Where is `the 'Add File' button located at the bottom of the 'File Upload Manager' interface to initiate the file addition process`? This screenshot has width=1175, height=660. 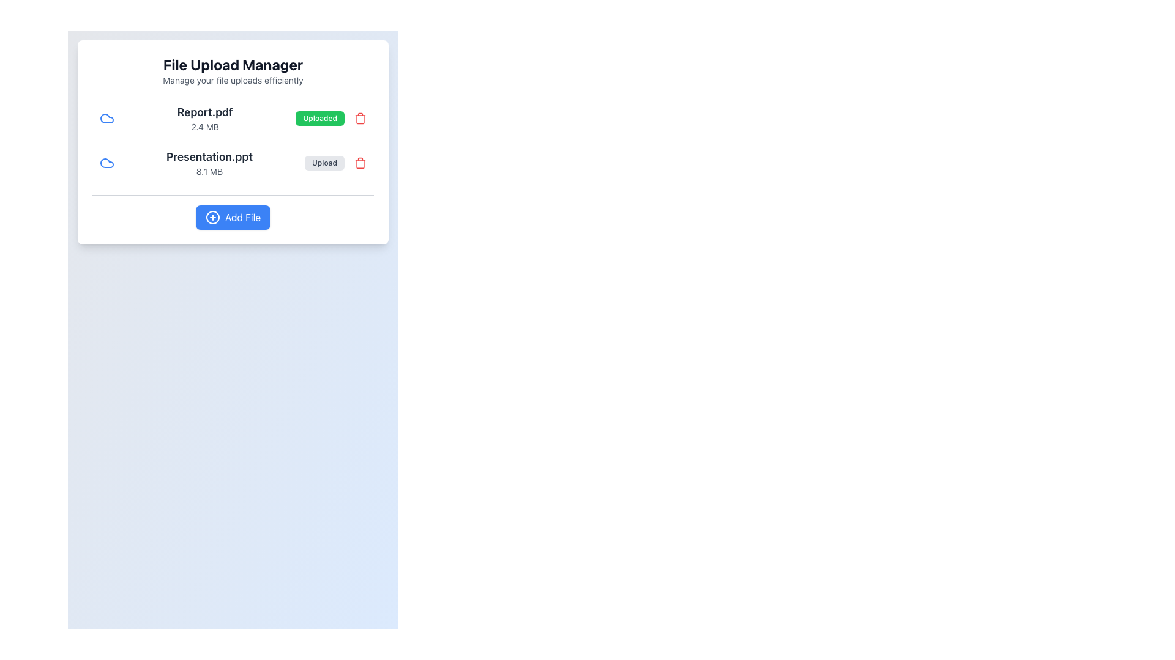
the 'Add File' button located at the bottom of the 'File Upload Manager' interface to initiate the file addition process is located at coordinates (233, 216).